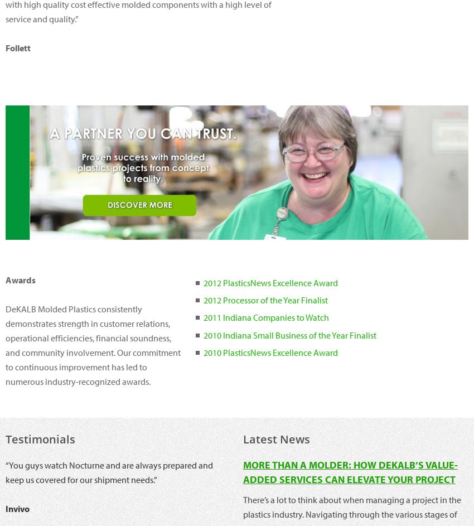 This screenshot has height=526, width=474. I want to click on '2012 Processor of the Year Finalist', so click(265, 300).